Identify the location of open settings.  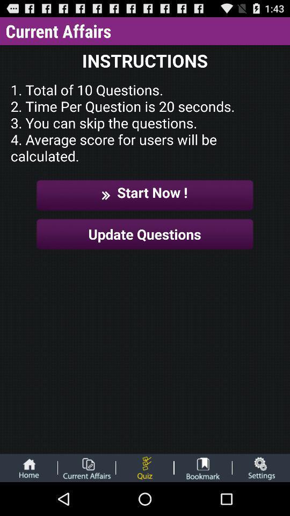
(260, 467).